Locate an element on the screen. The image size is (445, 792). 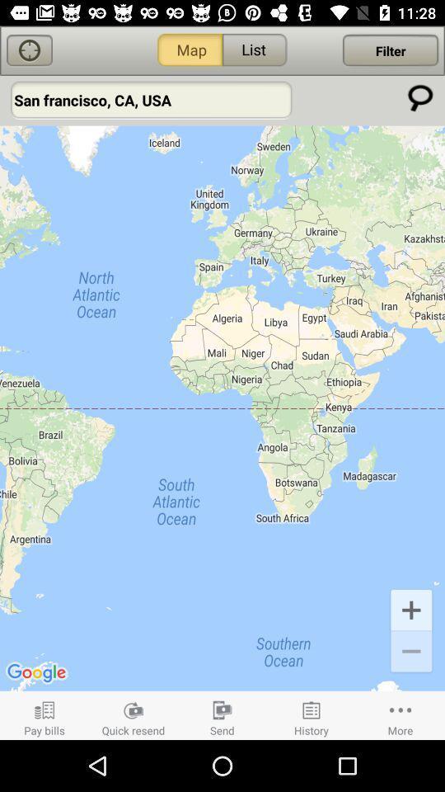
search option is located at coordinates (420, 97).